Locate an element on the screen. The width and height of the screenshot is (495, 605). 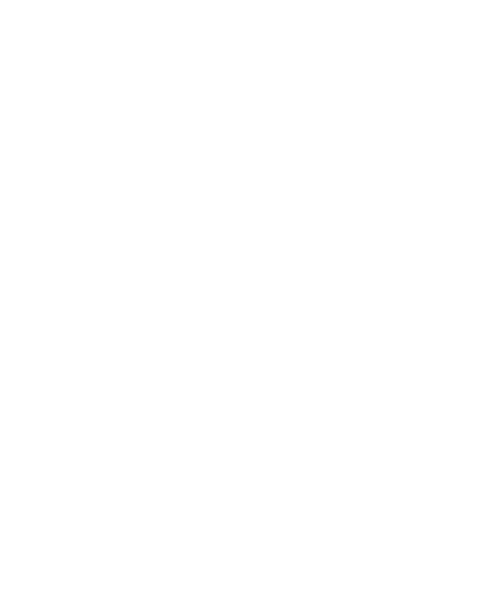
'October 2015' is located at coordinates (52, 371).